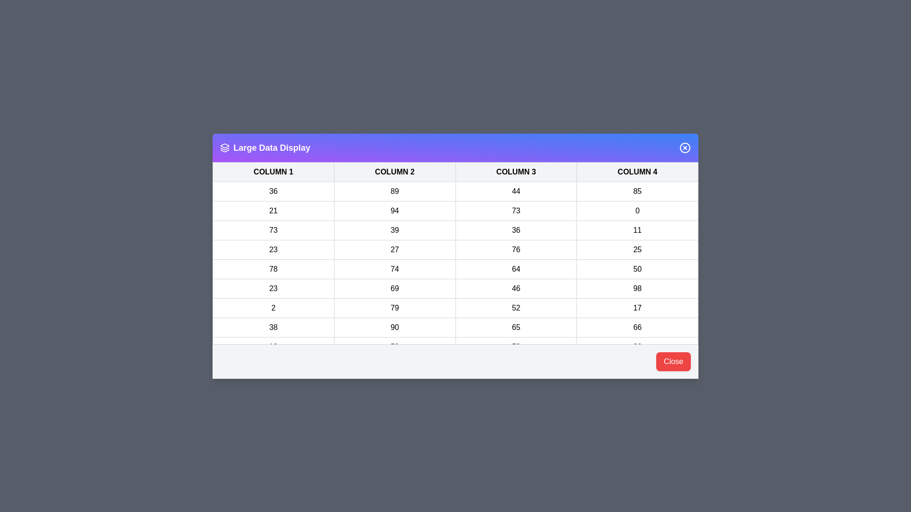 This screenshot has height=512, width=911. Describe the element at coordinates (455, 147) in the screenshot. I see `the header to inspect its properties` at that location.